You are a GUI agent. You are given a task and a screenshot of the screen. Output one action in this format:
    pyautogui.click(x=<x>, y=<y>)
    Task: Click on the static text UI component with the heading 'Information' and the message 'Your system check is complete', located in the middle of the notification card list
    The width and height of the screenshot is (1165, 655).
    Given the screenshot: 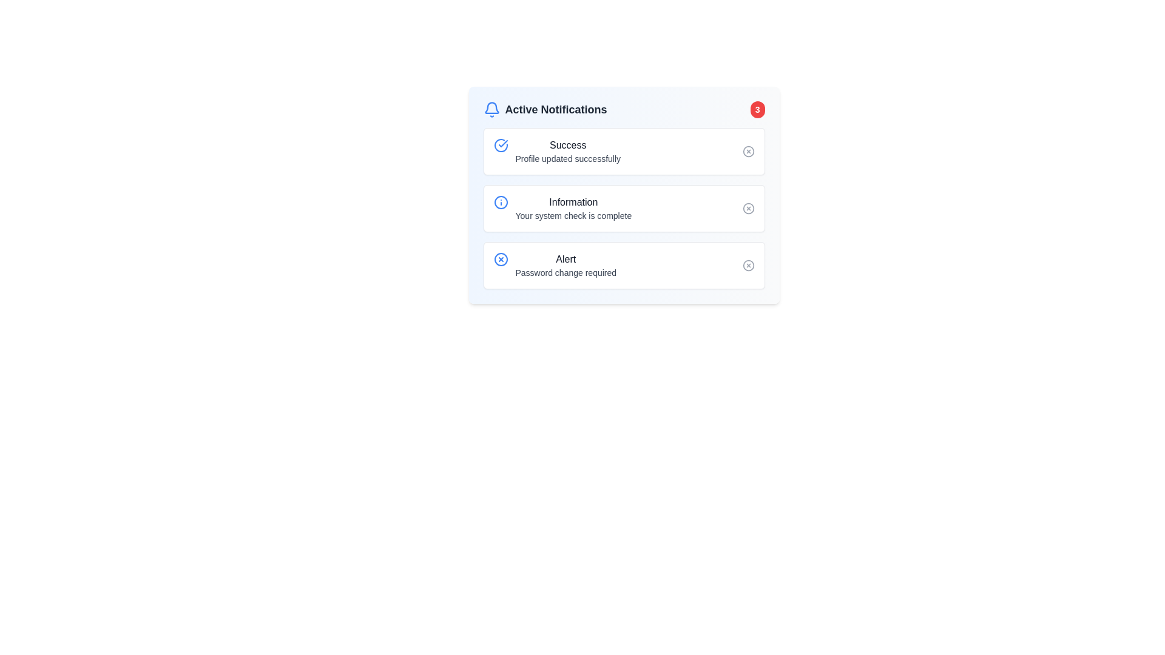 What is the action you would take?
    pyautogui.click(x=573, y=207)
    